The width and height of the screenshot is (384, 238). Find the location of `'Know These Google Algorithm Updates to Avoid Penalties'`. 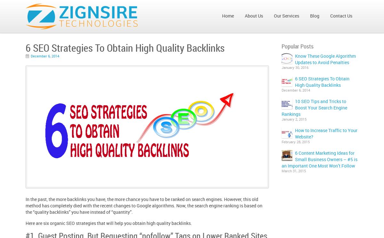

'Know These Google Algorithm Updates to Avoid Penalties' is located at coordinates (295, 59).